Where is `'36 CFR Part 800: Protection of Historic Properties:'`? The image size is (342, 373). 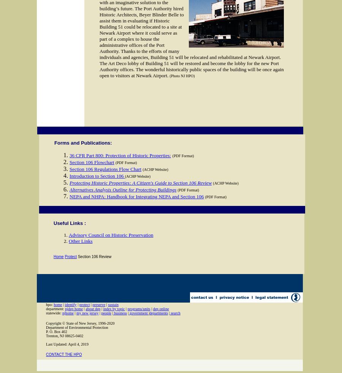
'36 CFR Part 800: Protection of Historic Properties:' is located at coordinates (119, 155).